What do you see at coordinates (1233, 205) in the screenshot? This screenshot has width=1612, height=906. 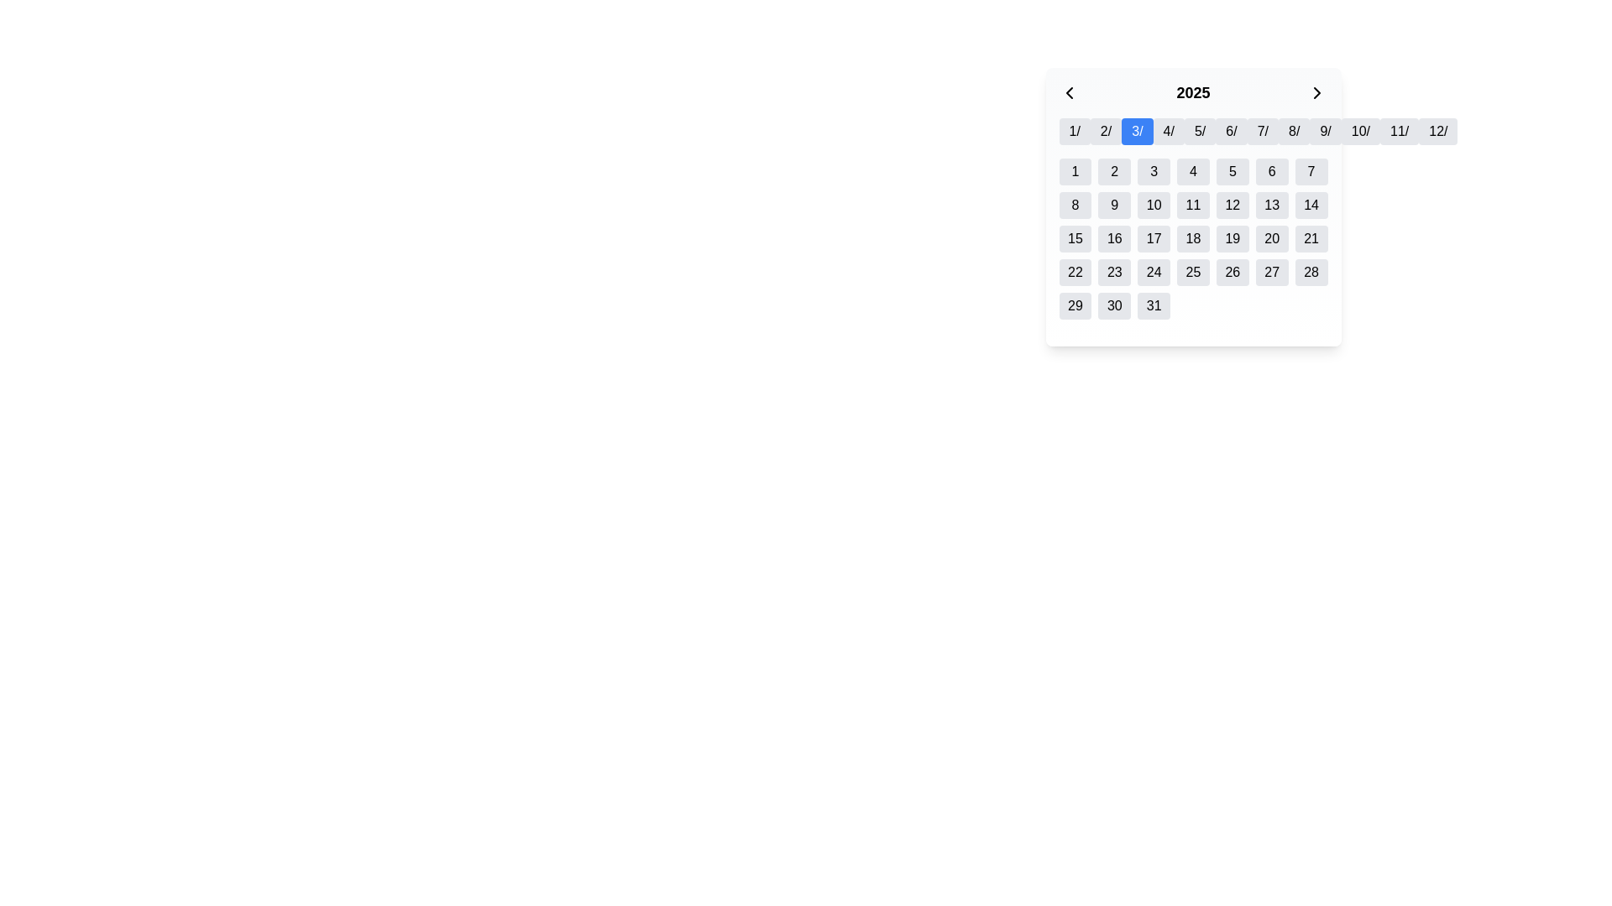 I see `the button representing the twelfth day on the calendar` at bounding box center [1233, 205].